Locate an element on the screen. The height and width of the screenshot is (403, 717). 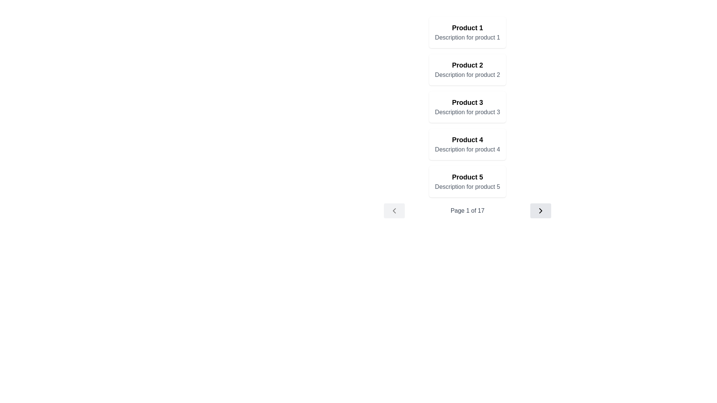
text label displaying 'Page 1 of 17', which is styled in gray color and positioned in the center of the navigation bar below the product list is located at coordinates (467, 210).